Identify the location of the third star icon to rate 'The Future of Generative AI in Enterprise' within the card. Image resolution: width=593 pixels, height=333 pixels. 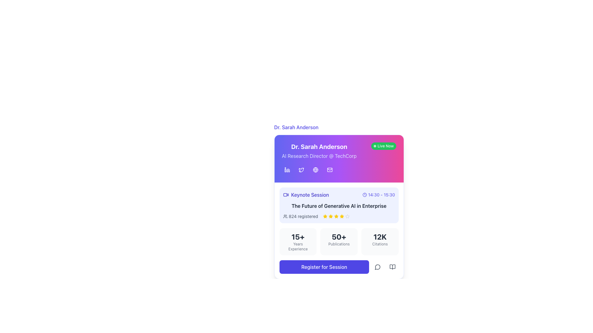
(336, 216).